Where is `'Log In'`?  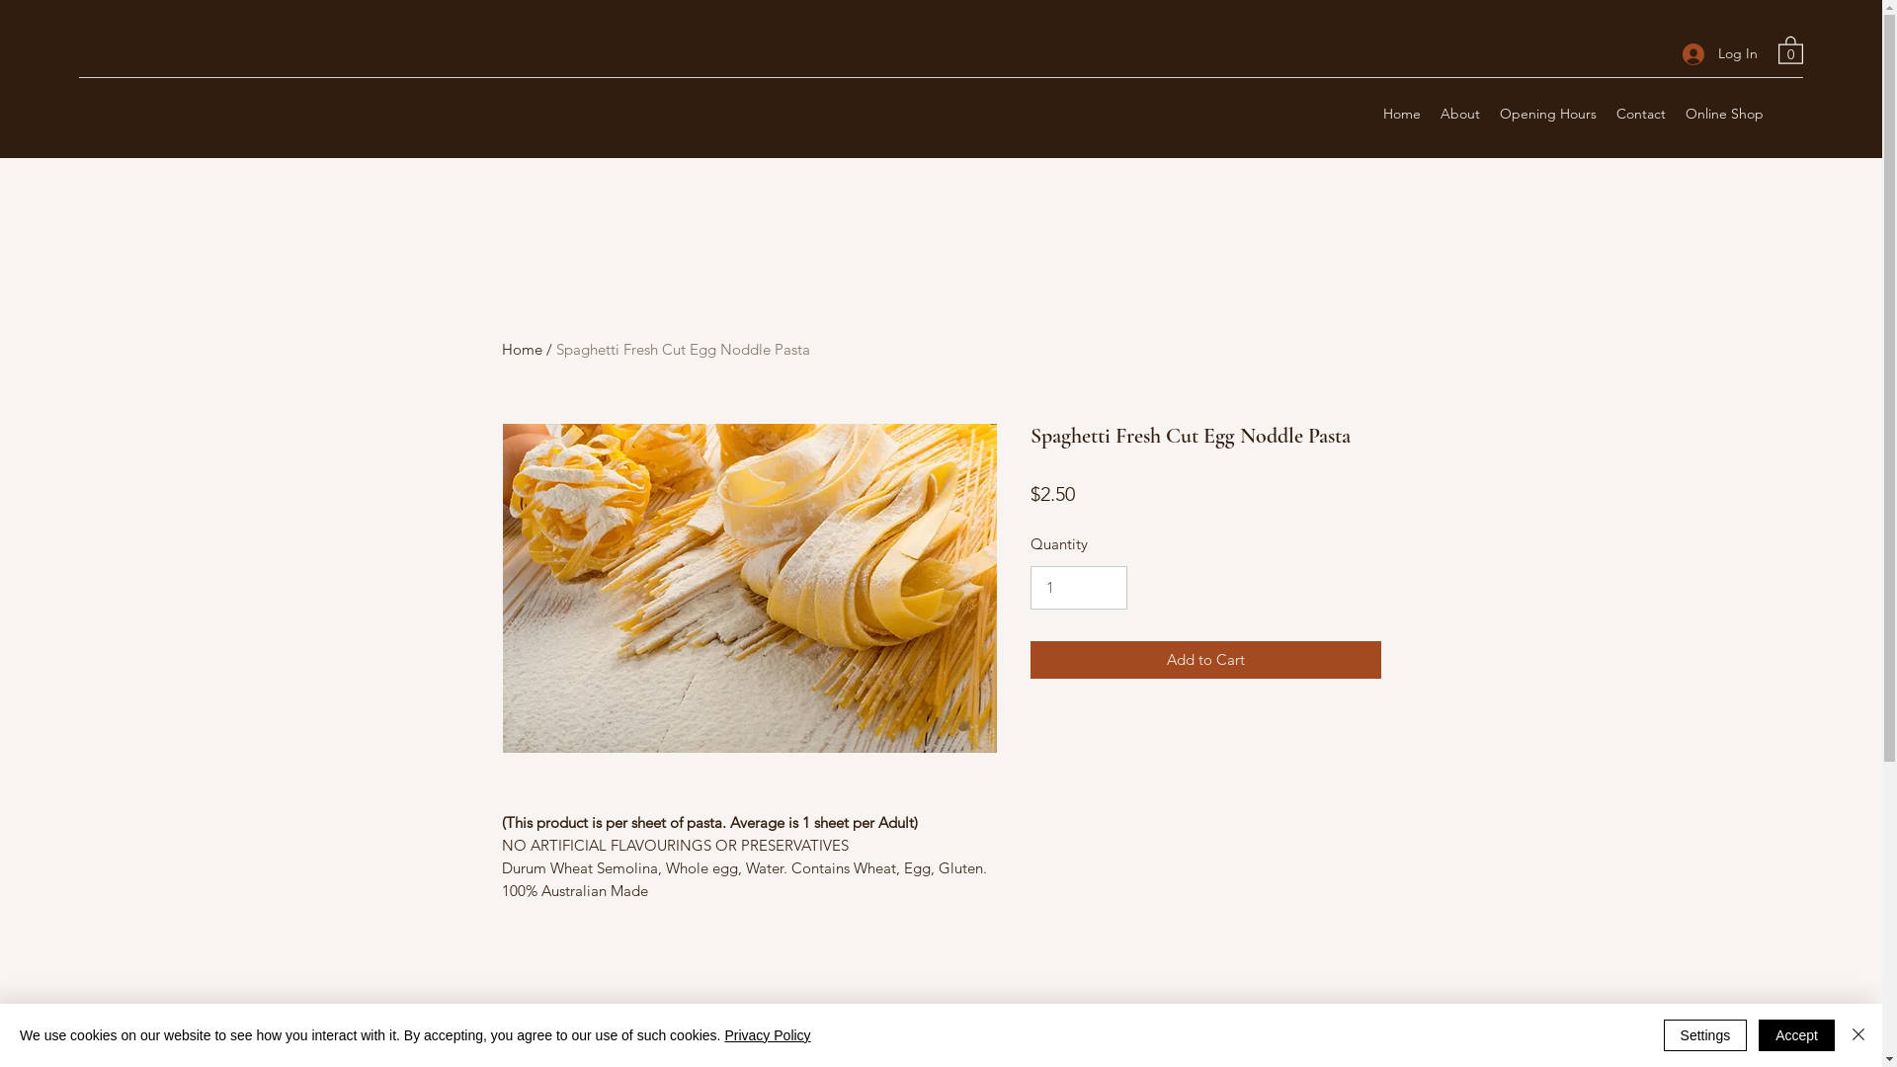 'Log In' is located at coordinates (1668, 52).